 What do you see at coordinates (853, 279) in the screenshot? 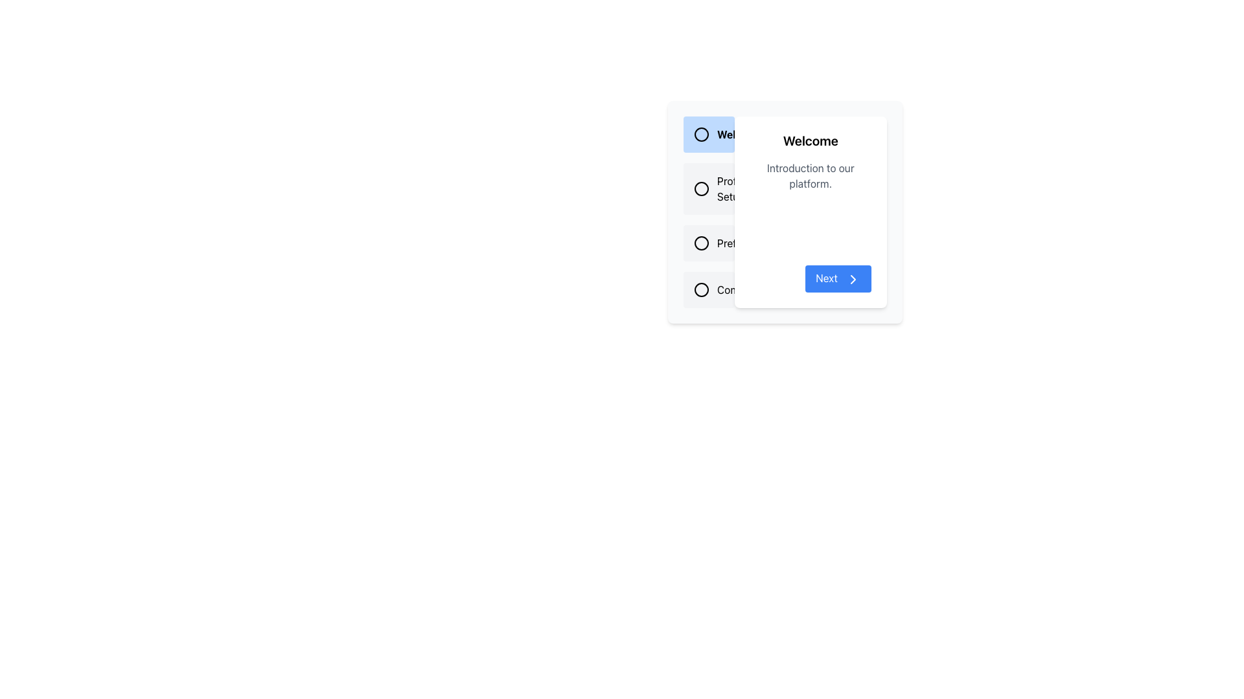
I see `the right-side icon inside the 'Next' button located at the bottom-right corner of the 'Welcome' dialog box` at bounding box center [853, 279].